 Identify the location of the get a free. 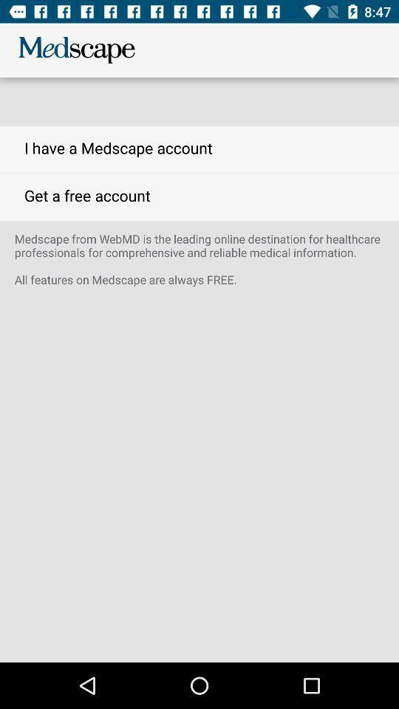
(199, 196).